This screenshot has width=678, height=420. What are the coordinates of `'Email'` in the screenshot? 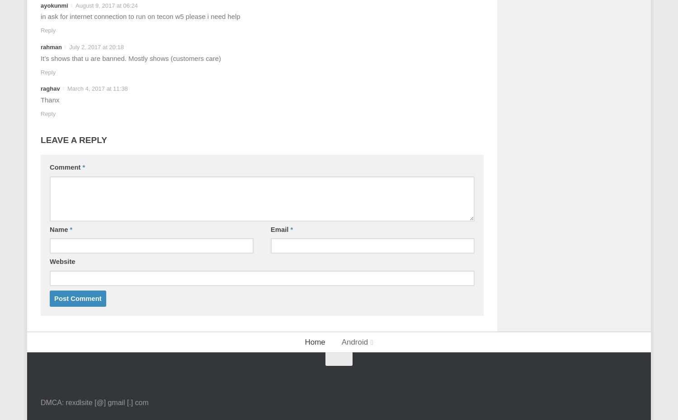 It's located at (279, 229).